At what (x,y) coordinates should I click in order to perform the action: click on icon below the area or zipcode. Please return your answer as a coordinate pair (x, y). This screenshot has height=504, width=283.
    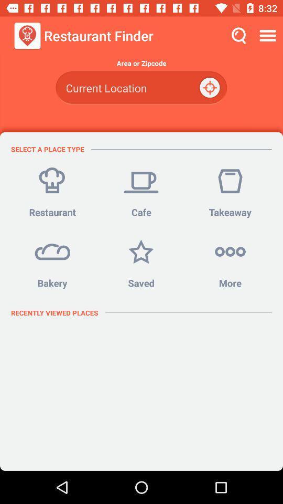
    Looking at the image, I should click on (211, 87).